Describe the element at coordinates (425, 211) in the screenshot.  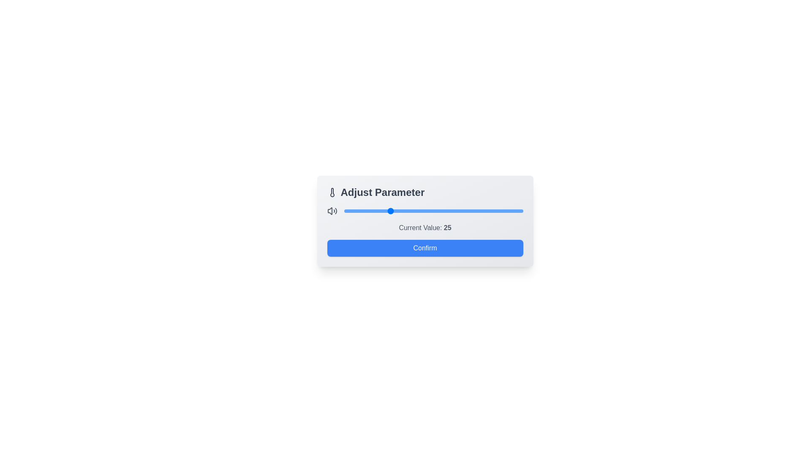
I see `the Range Slider located below the 'Adjust Parameter' title and above the 'Current Value: 25' text` at that location.